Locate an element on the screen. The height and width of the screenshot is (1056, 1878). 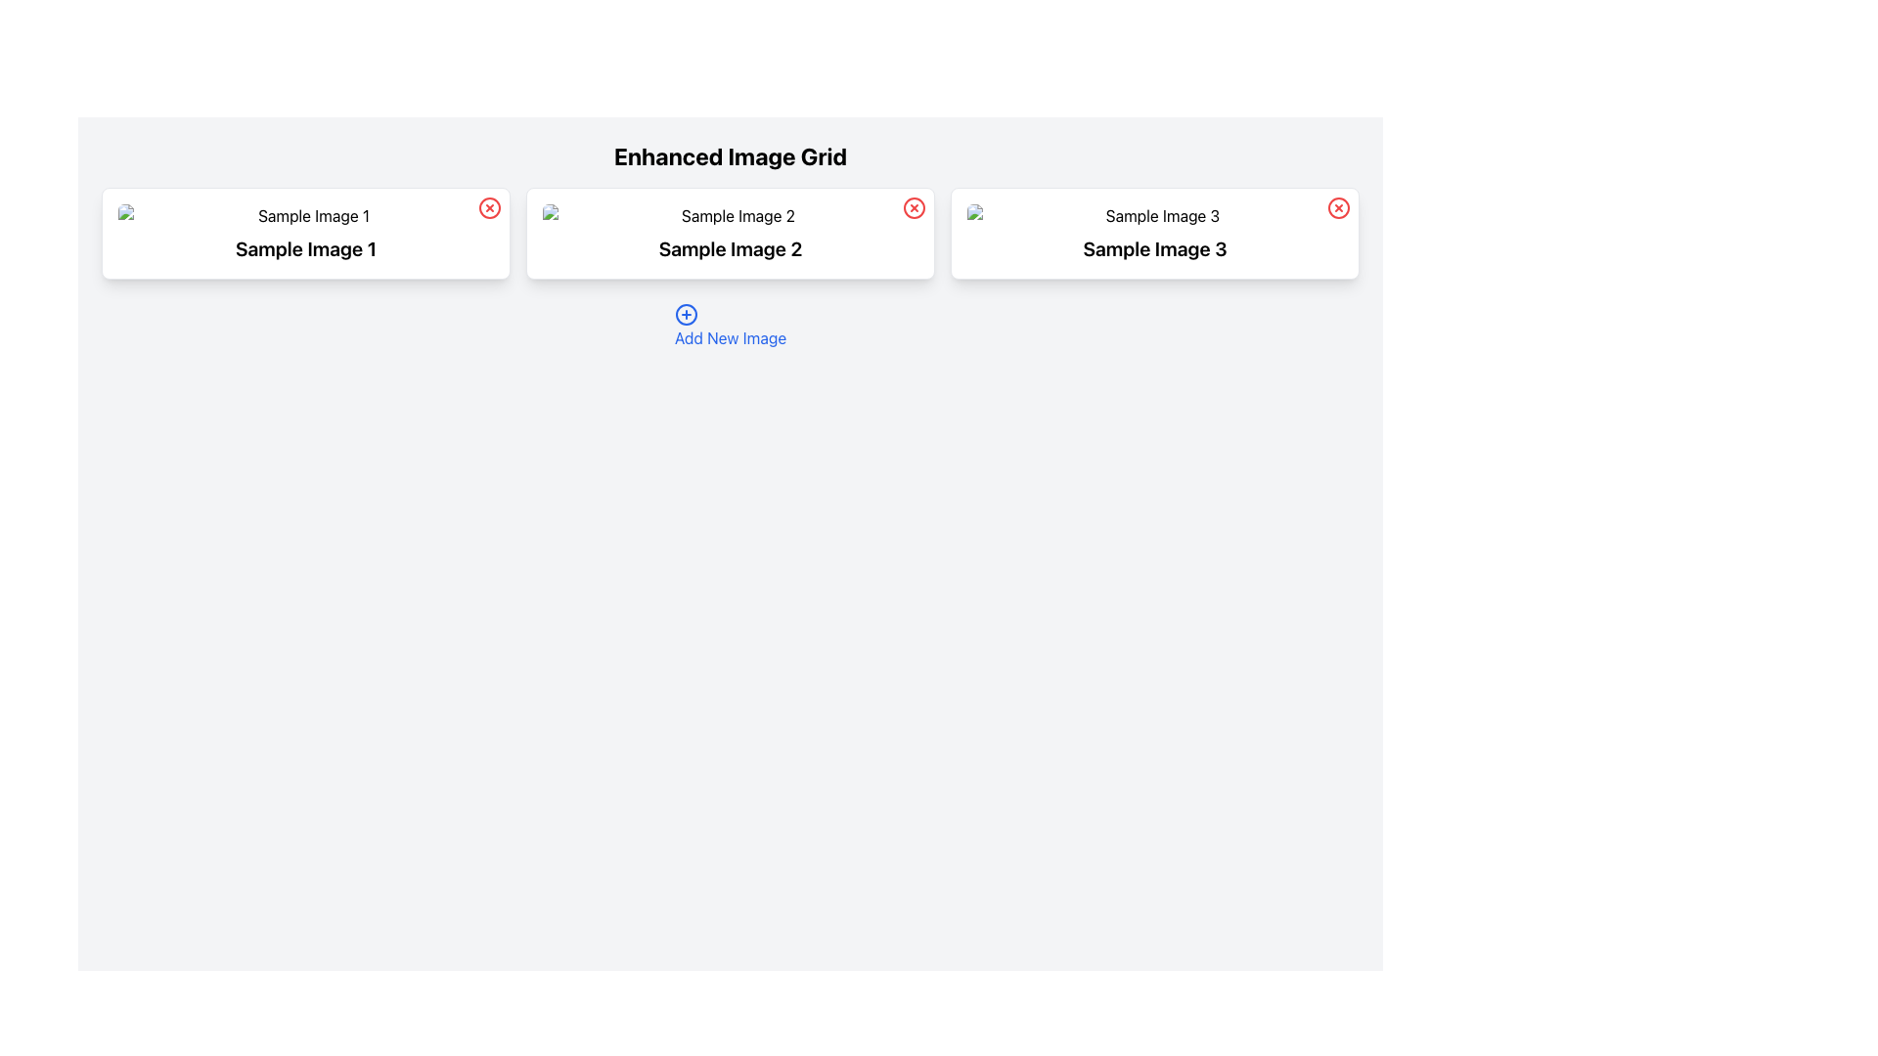
the SVG Circle element with a blue outline that is part of the plus sign icon located below the 'Add New Image' text link is located at coordinates (686, 313).